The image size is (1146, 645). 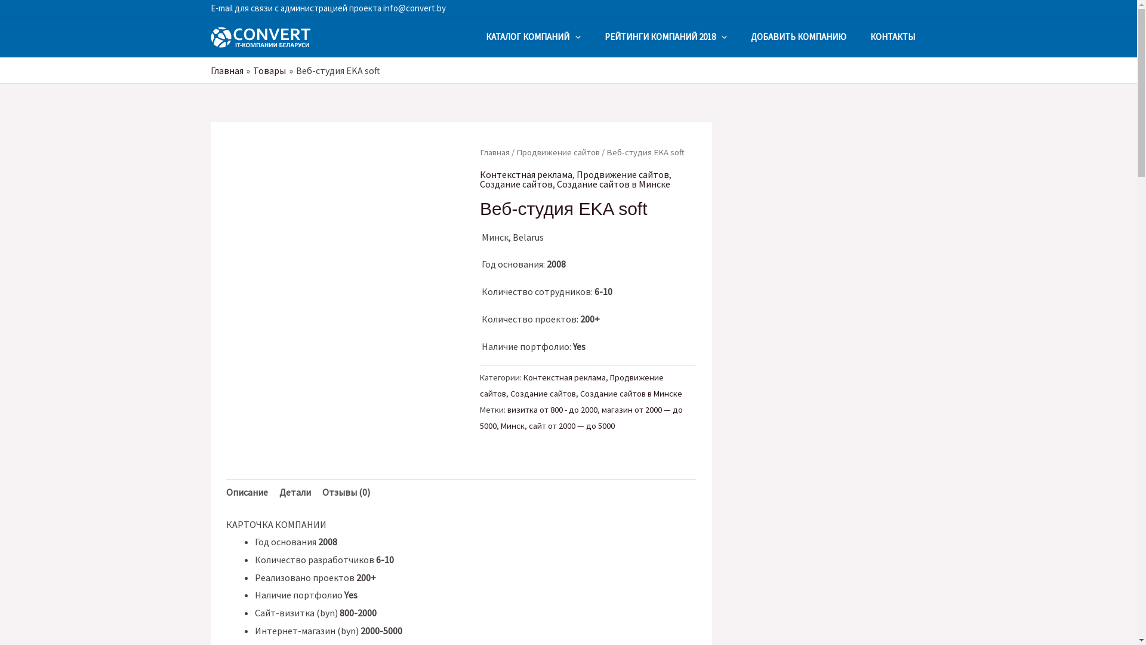 What do you see at coordinates (412, 8) in the screenshot?
I see `' info@convert.by'` at bounding box center [412, 8].